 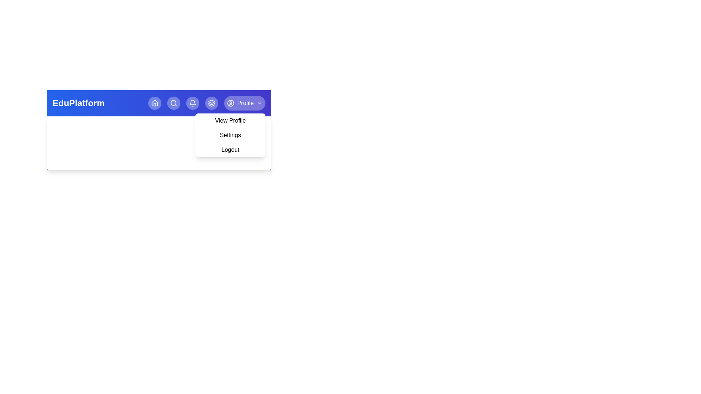 I want to click on the profile menu button to open the dropdown menu, so click(x=245, y=103).